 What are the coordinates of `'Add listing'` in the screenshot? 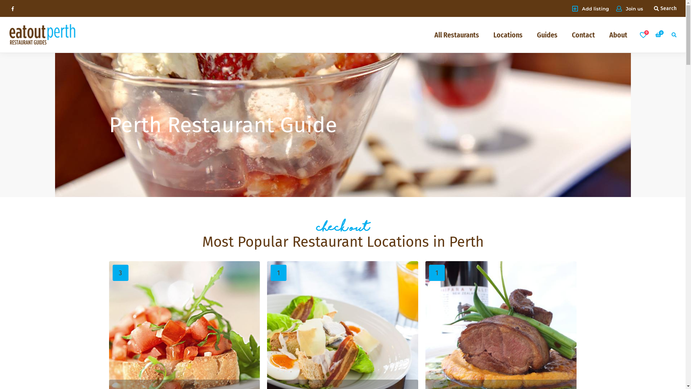 It's located at (591, 8).